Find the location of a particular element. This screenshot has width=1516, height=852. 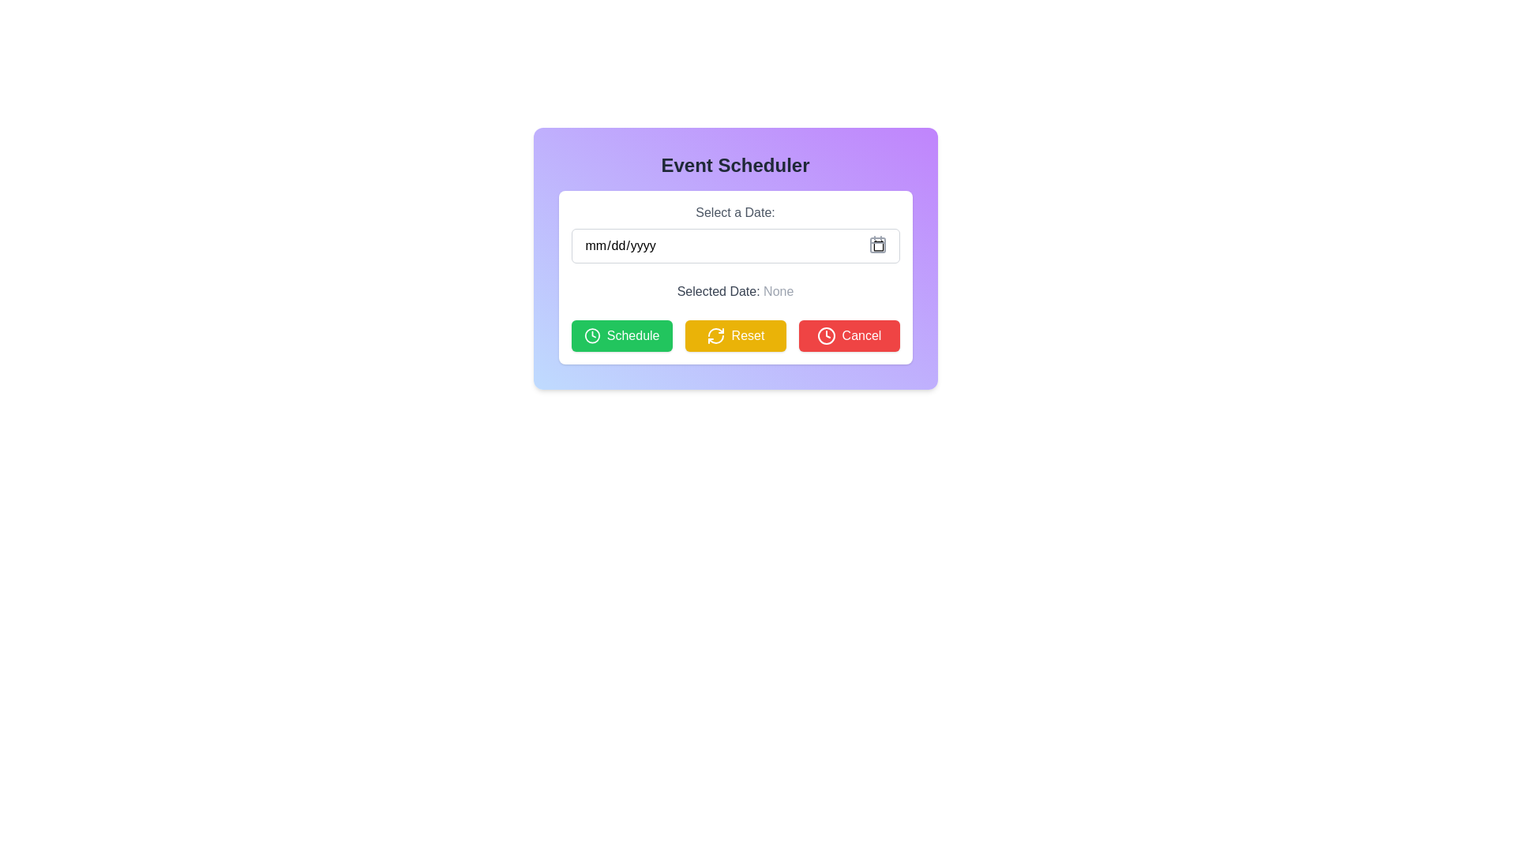

the outer circle of the clock icon located on the leftmost 'Schedule' button of the horizontal button group in the 'Event Scheduler' dialog box is located at coordinates (591, 334).